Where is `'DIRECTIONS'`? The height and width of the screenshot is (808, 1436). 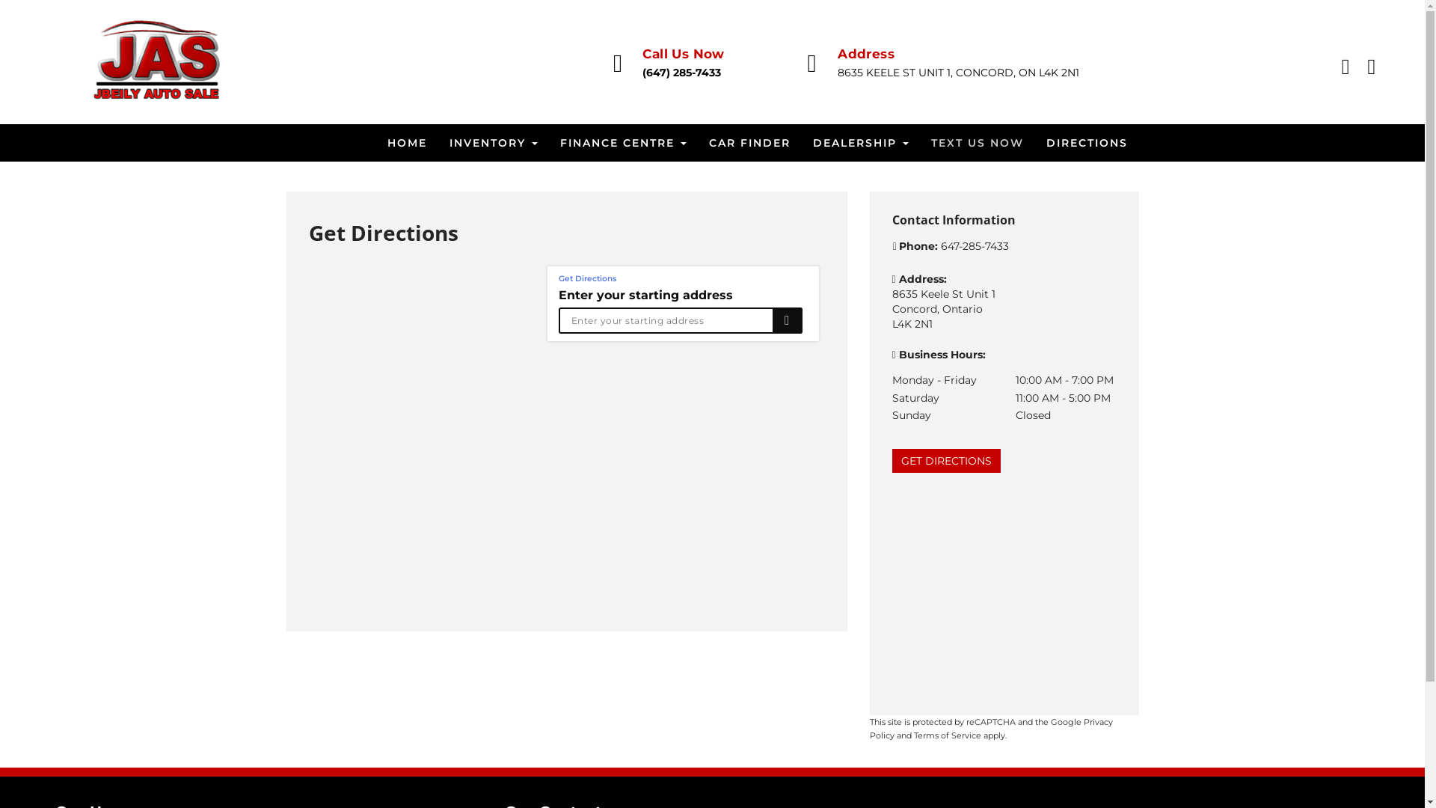
'DIRECTIONS' is located at coordinates (1087, 143).